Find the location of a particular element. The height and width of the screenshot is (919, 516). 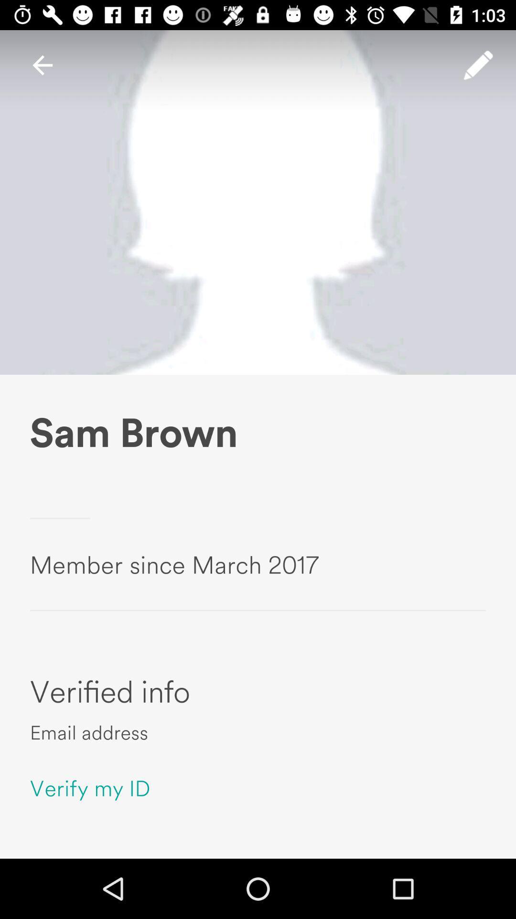

item at the top left corner is located at coordinates (42, 65).